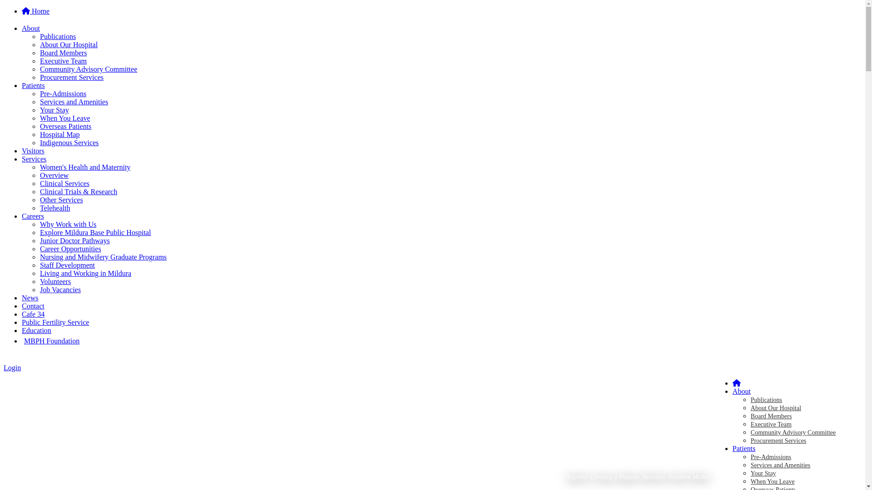 This screenshot has height=490, width=872. I want to click on 'Careers', so click(22, 216).